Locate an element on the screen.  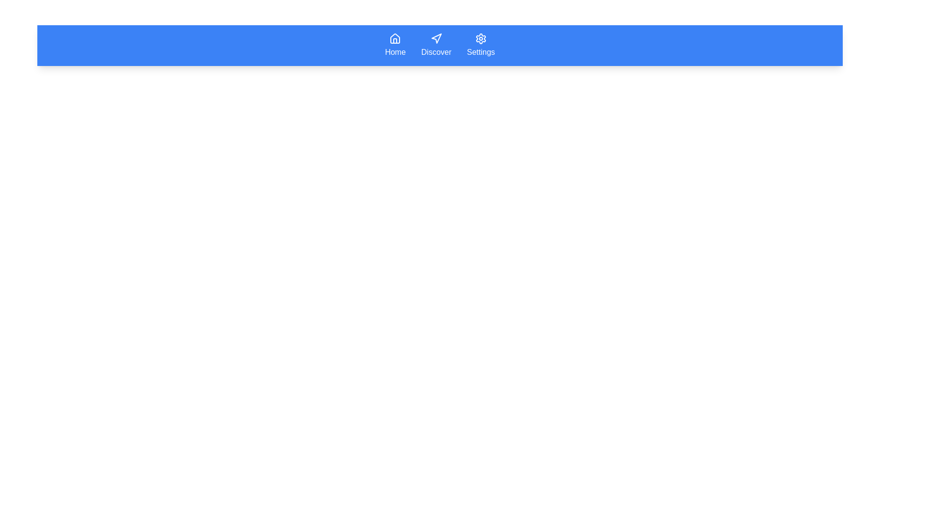
the 'Settings' navigation link, which features a gear icon and white text on a blue background, located centrally at the top of the interface is located at coordinates (481, 45).